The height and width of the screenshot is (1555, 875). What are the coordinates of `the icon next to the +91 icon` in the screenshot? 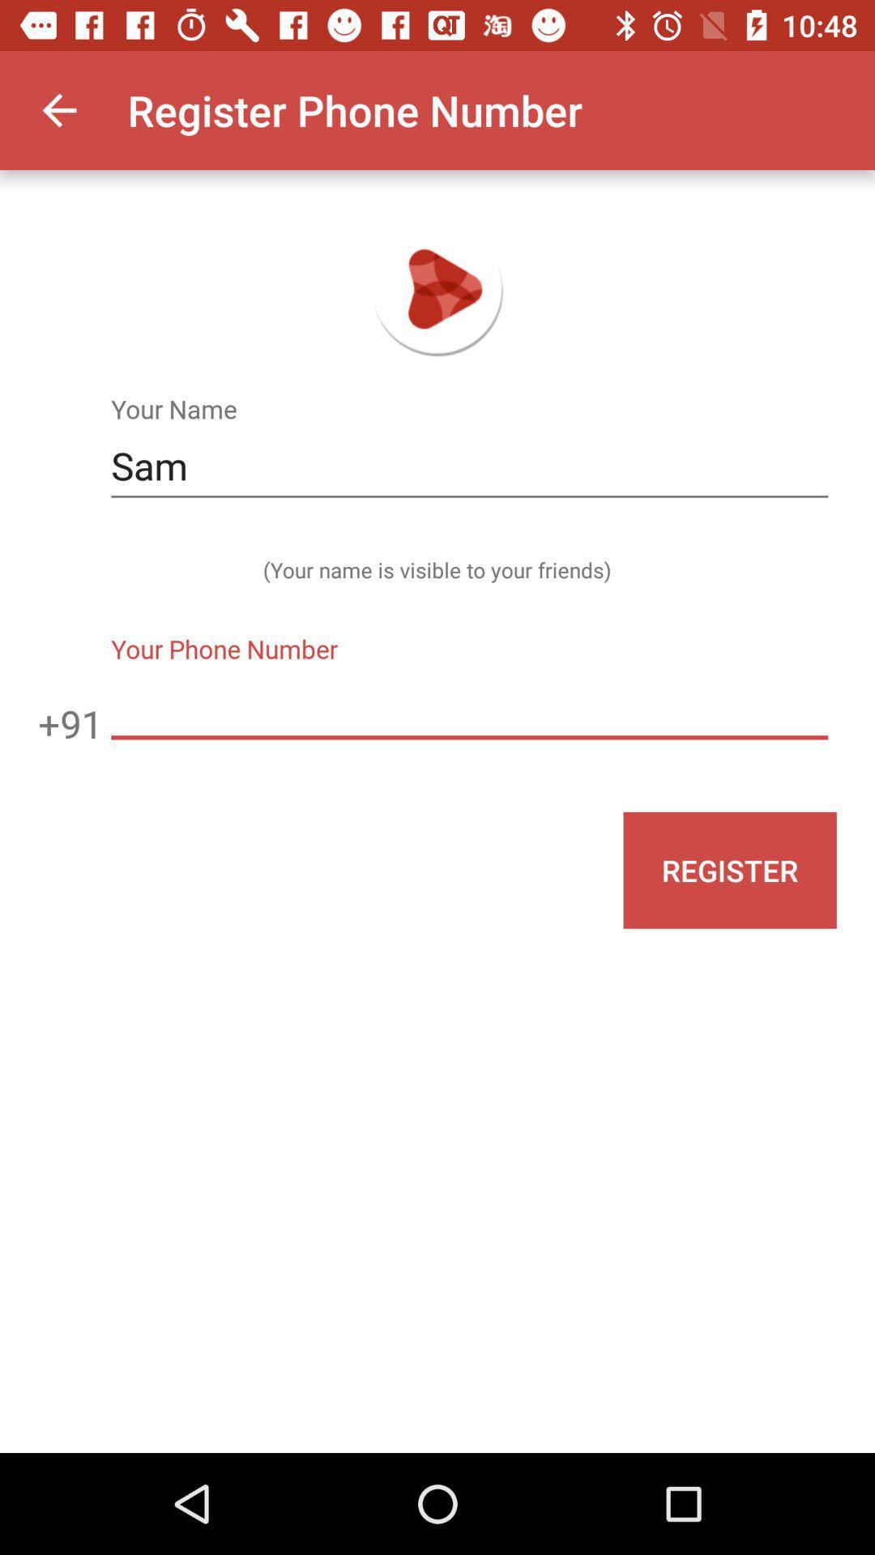 It's located at (469, 706).